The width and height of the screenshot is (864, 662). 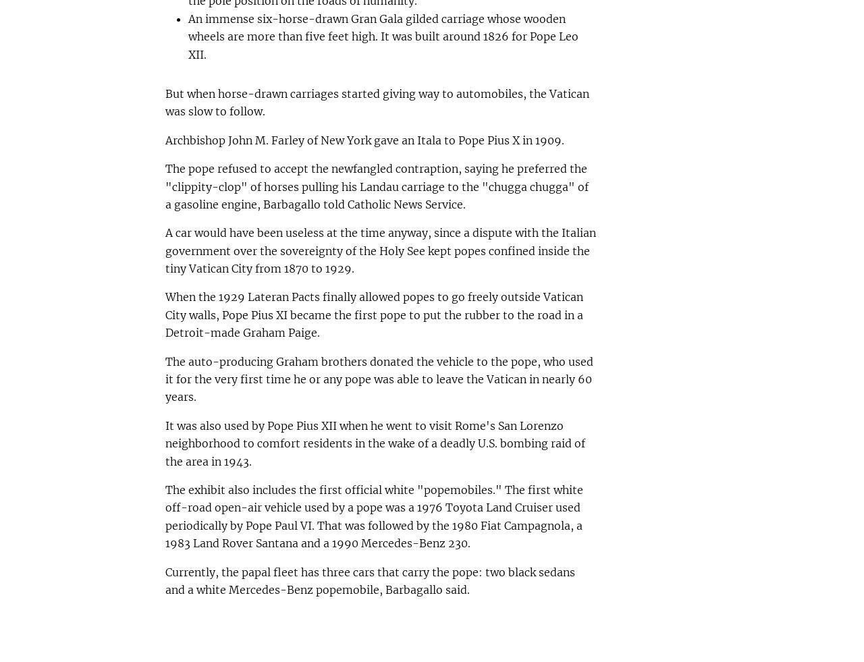 What do you see at coordinates (378, 379) in the screenshot?
I see `'The auto-producing Graham brothers donated the vehicle to the pope, who used it for the very first time he or any pope was able to leave the Vatican in nearly 60 years.'` at bounding box center [378, 379].